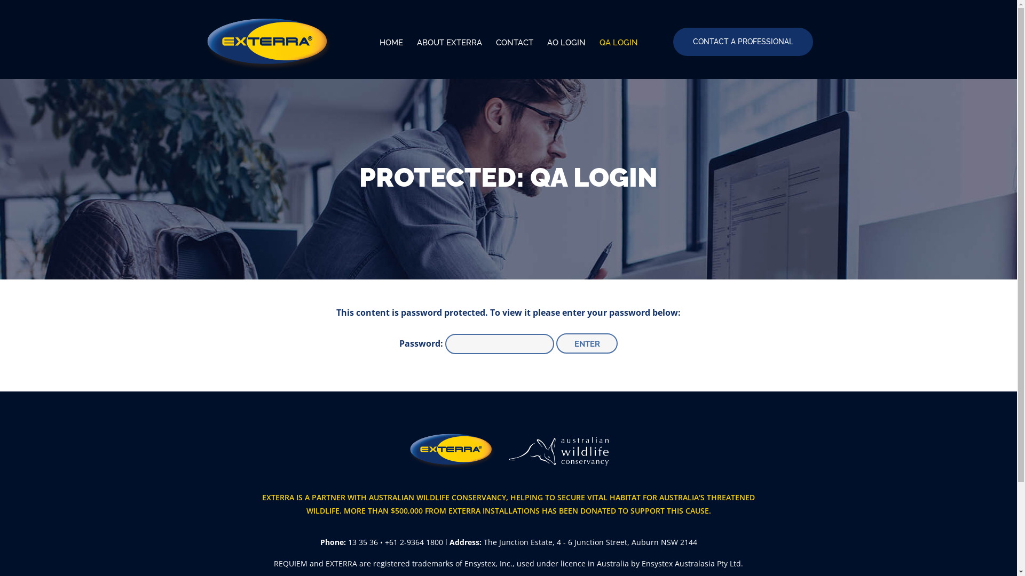  I want to click on 'Enter', so click(586, 343).